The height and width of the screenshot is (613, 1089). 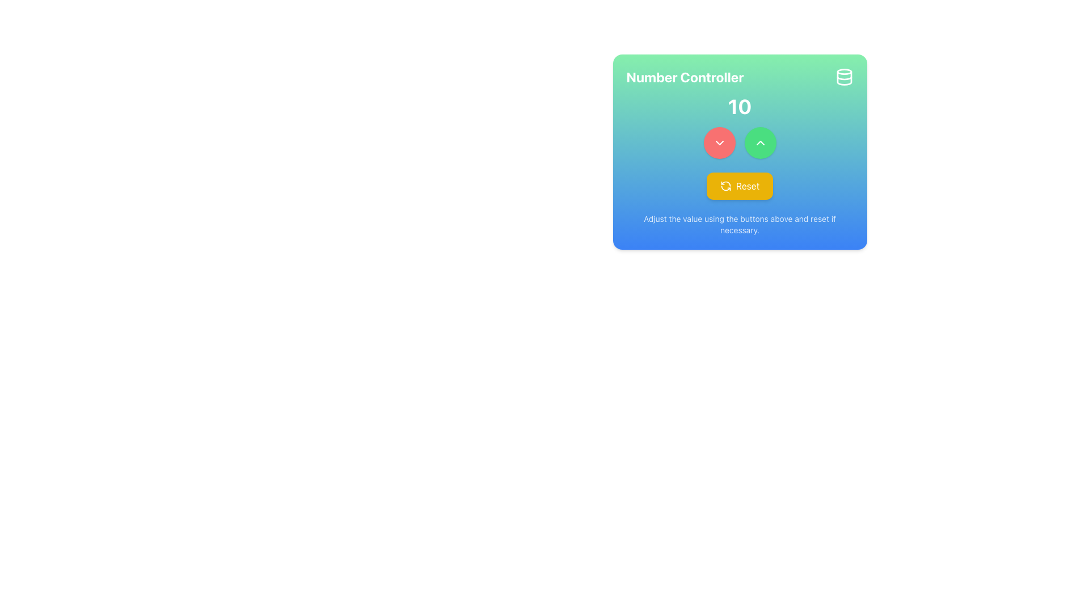 What do you see at coordinates (740, 185) in the screenshot?
I see `the 'Reset' button, which has a yellow background and white text, located at the bottom center of the 'Number Controller' card, to reset the displayed value` at bounding box center [740, 185].